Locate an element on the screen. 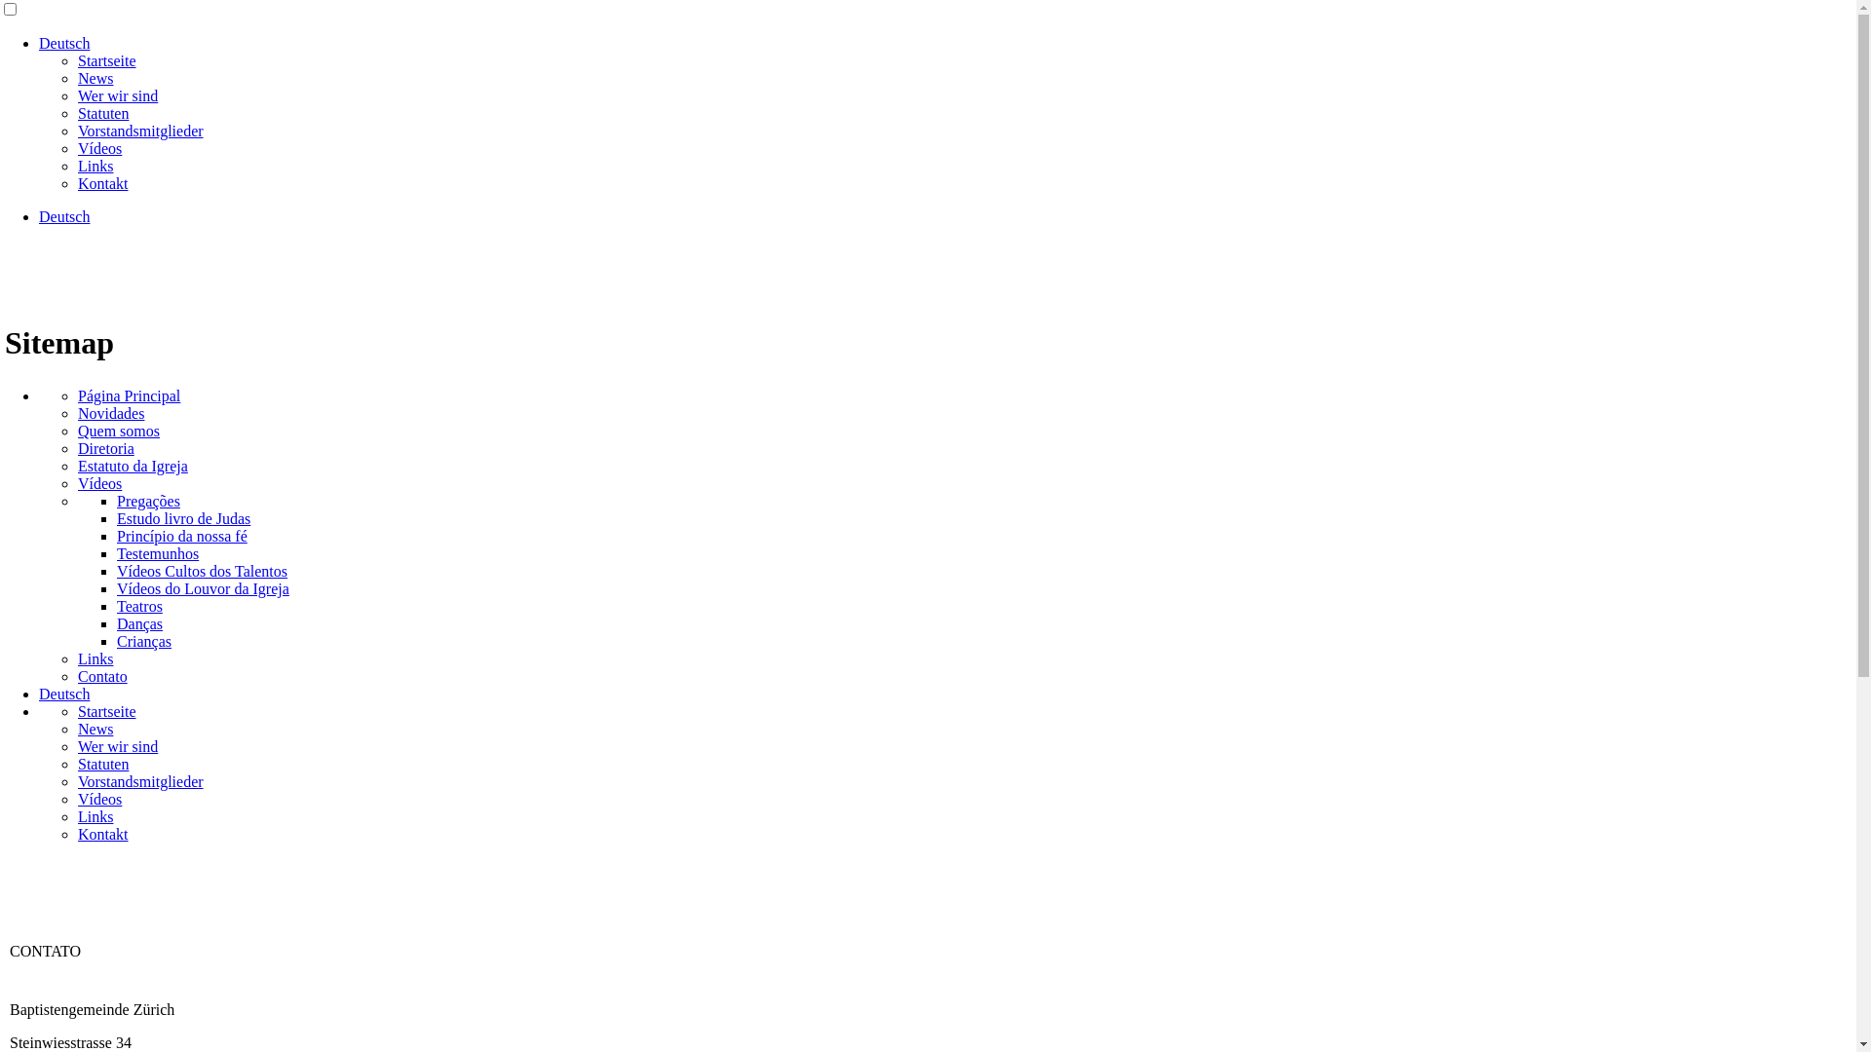  'Testemunhos' is located at coordinates (158, 553).